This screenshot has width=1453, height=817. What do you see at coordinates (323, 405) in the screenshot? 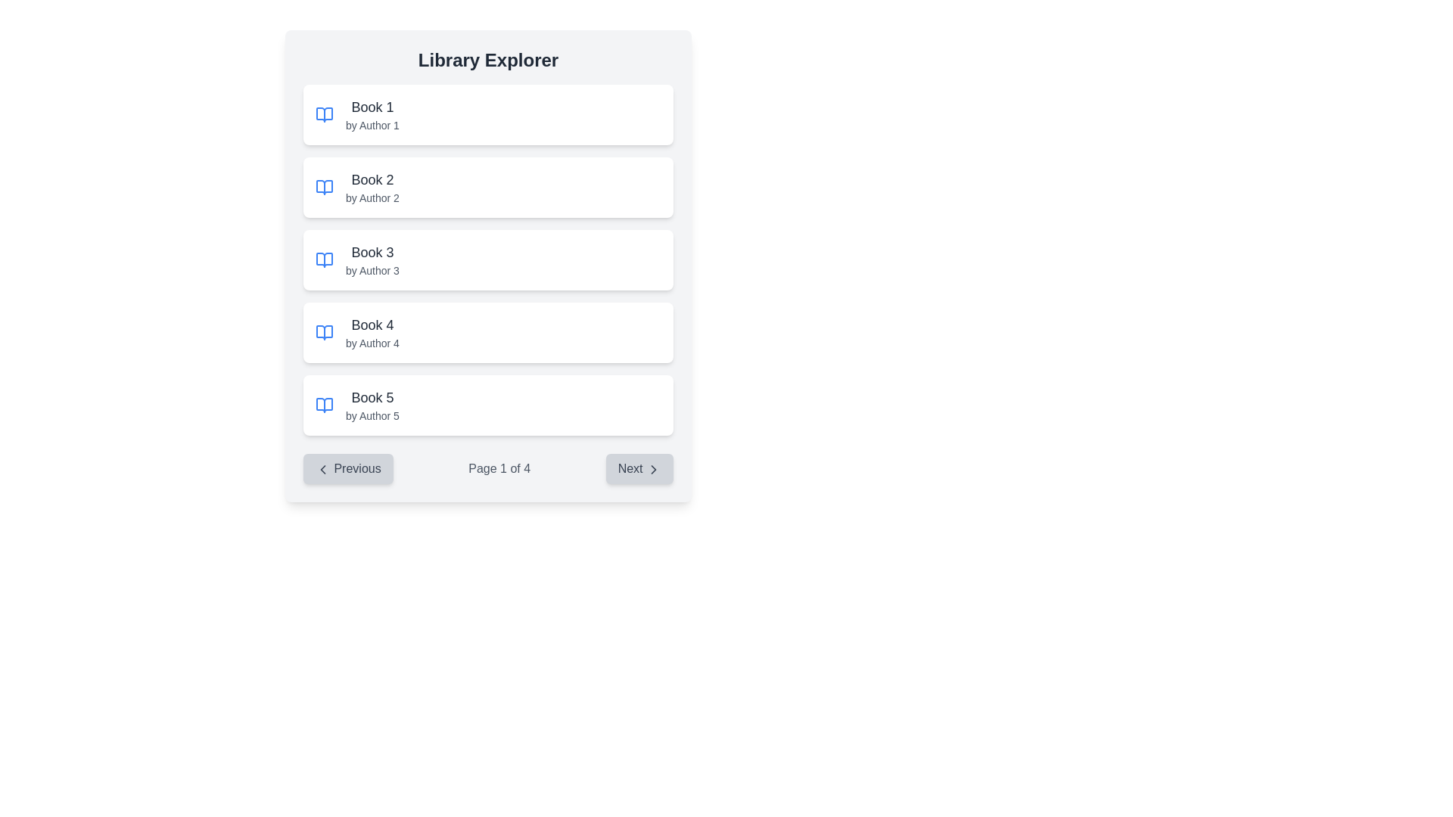
I see `the icon that signifies the row related to 'Book 5 by Author 5', located at the beginning of its row` at bounding box center [323, 405].